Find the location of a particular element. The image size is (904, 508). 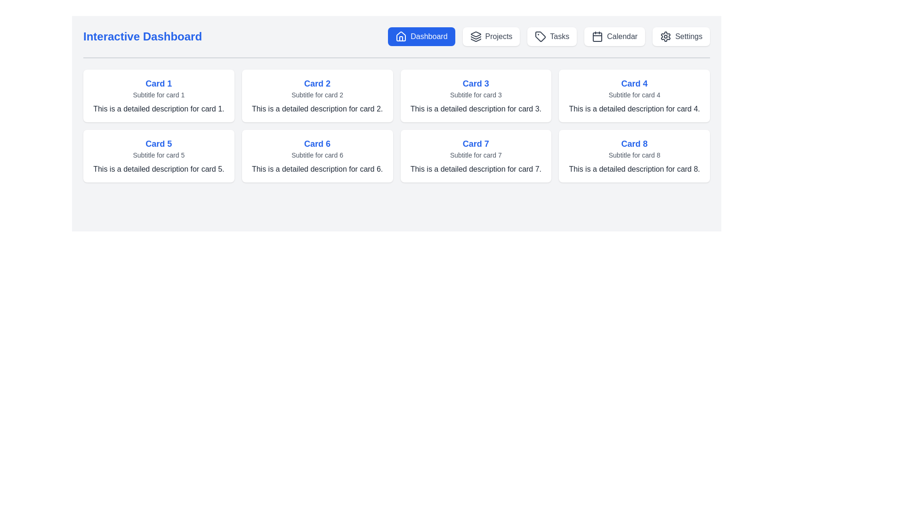

the text element displaying 'Subtitle for card 5', which is styled with gray color and medium font, located below the title 'Card 5' in the second row of cards is located at coordinates (159, 155).